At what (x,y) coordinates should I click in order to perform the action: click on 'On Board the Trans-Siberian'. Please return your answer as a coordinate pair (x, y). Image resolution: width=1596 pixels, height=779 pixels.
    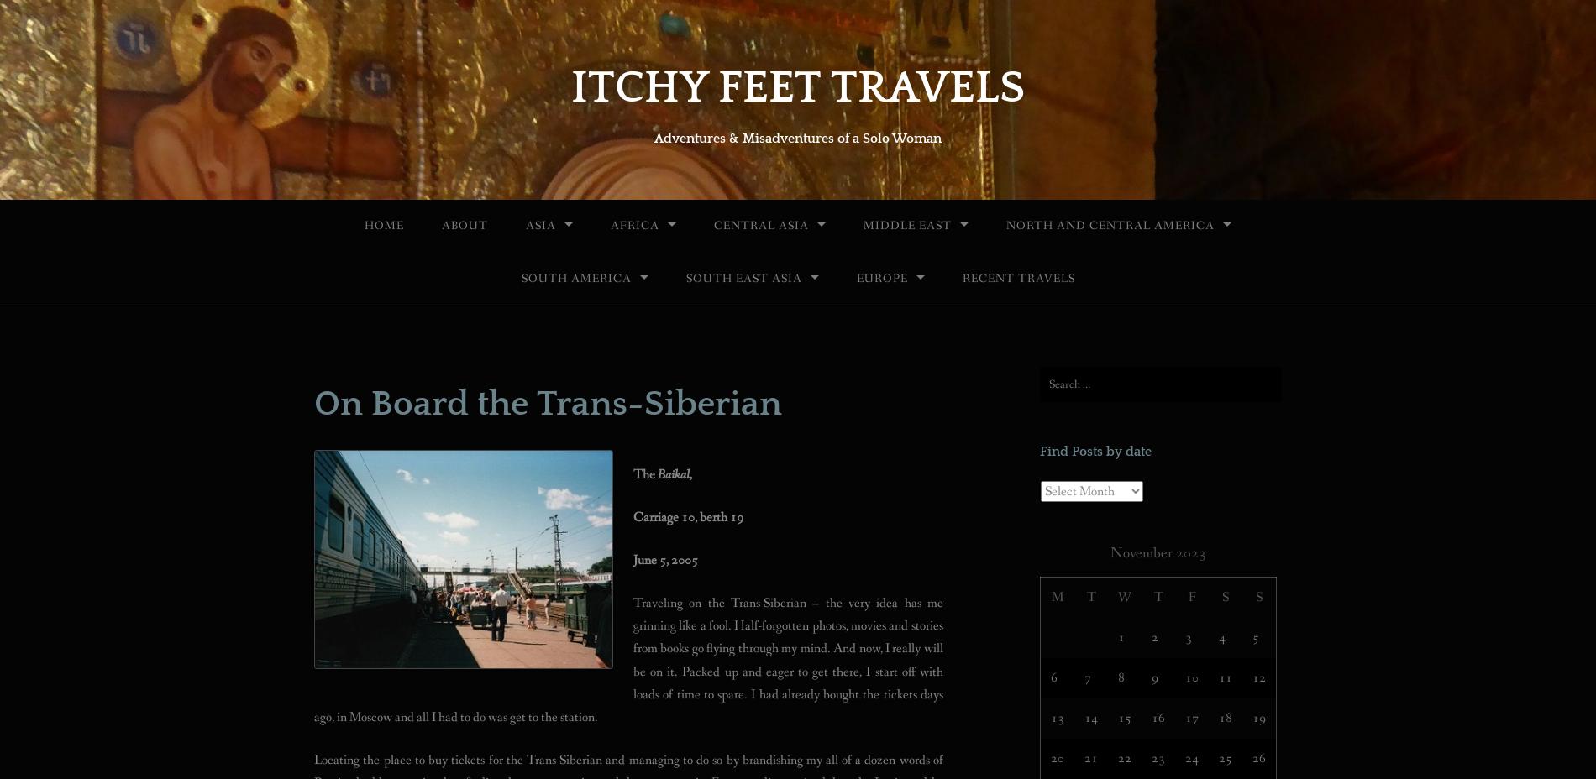
    Looking at the image, I should click on (312, 402).